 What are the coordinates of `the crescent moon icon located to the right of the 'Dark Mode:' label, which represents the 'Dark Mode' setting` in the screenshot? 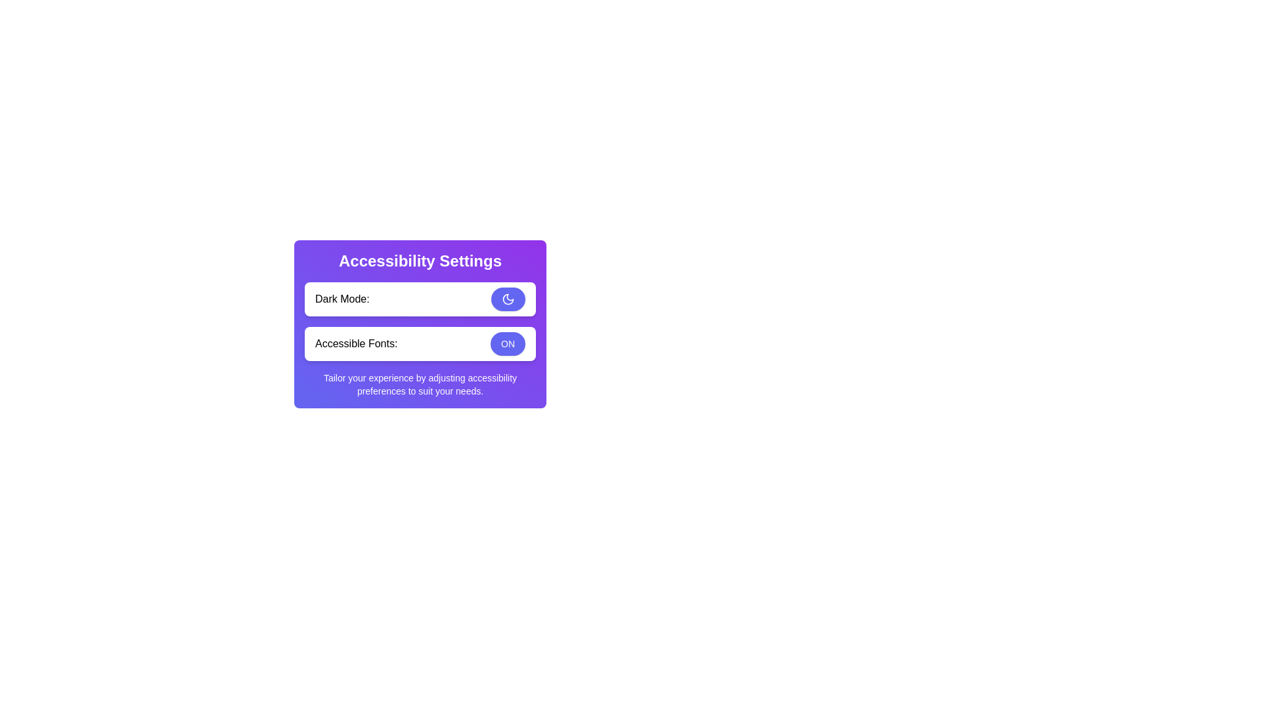 It's located at (507, 299).